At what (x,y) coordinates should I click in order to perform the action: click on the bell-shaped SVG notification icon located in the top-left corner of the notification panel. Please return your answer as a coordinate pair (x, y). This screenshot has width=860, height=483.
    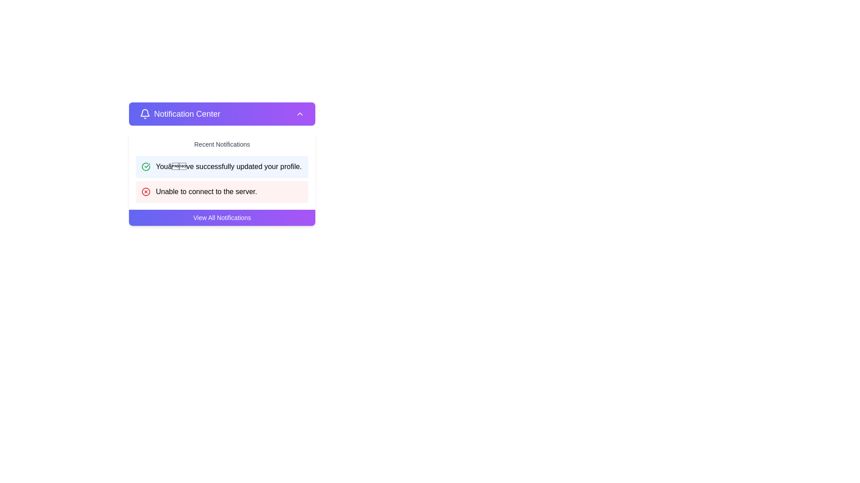
    Looking at the image, I should click on (145, 112).